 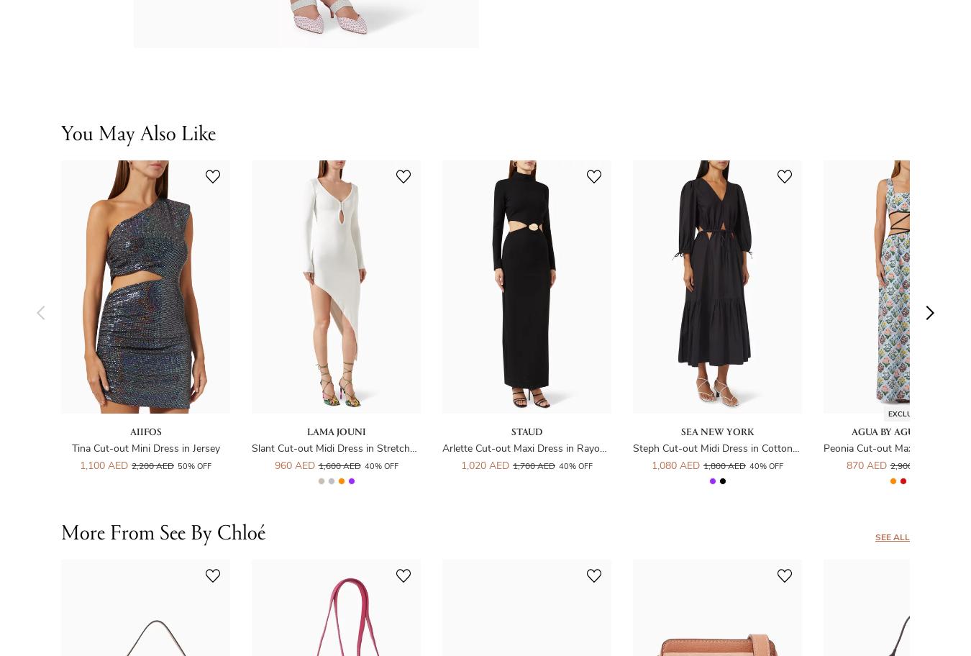 I want to click on '1,600 AED', so click(x=338, y=465).